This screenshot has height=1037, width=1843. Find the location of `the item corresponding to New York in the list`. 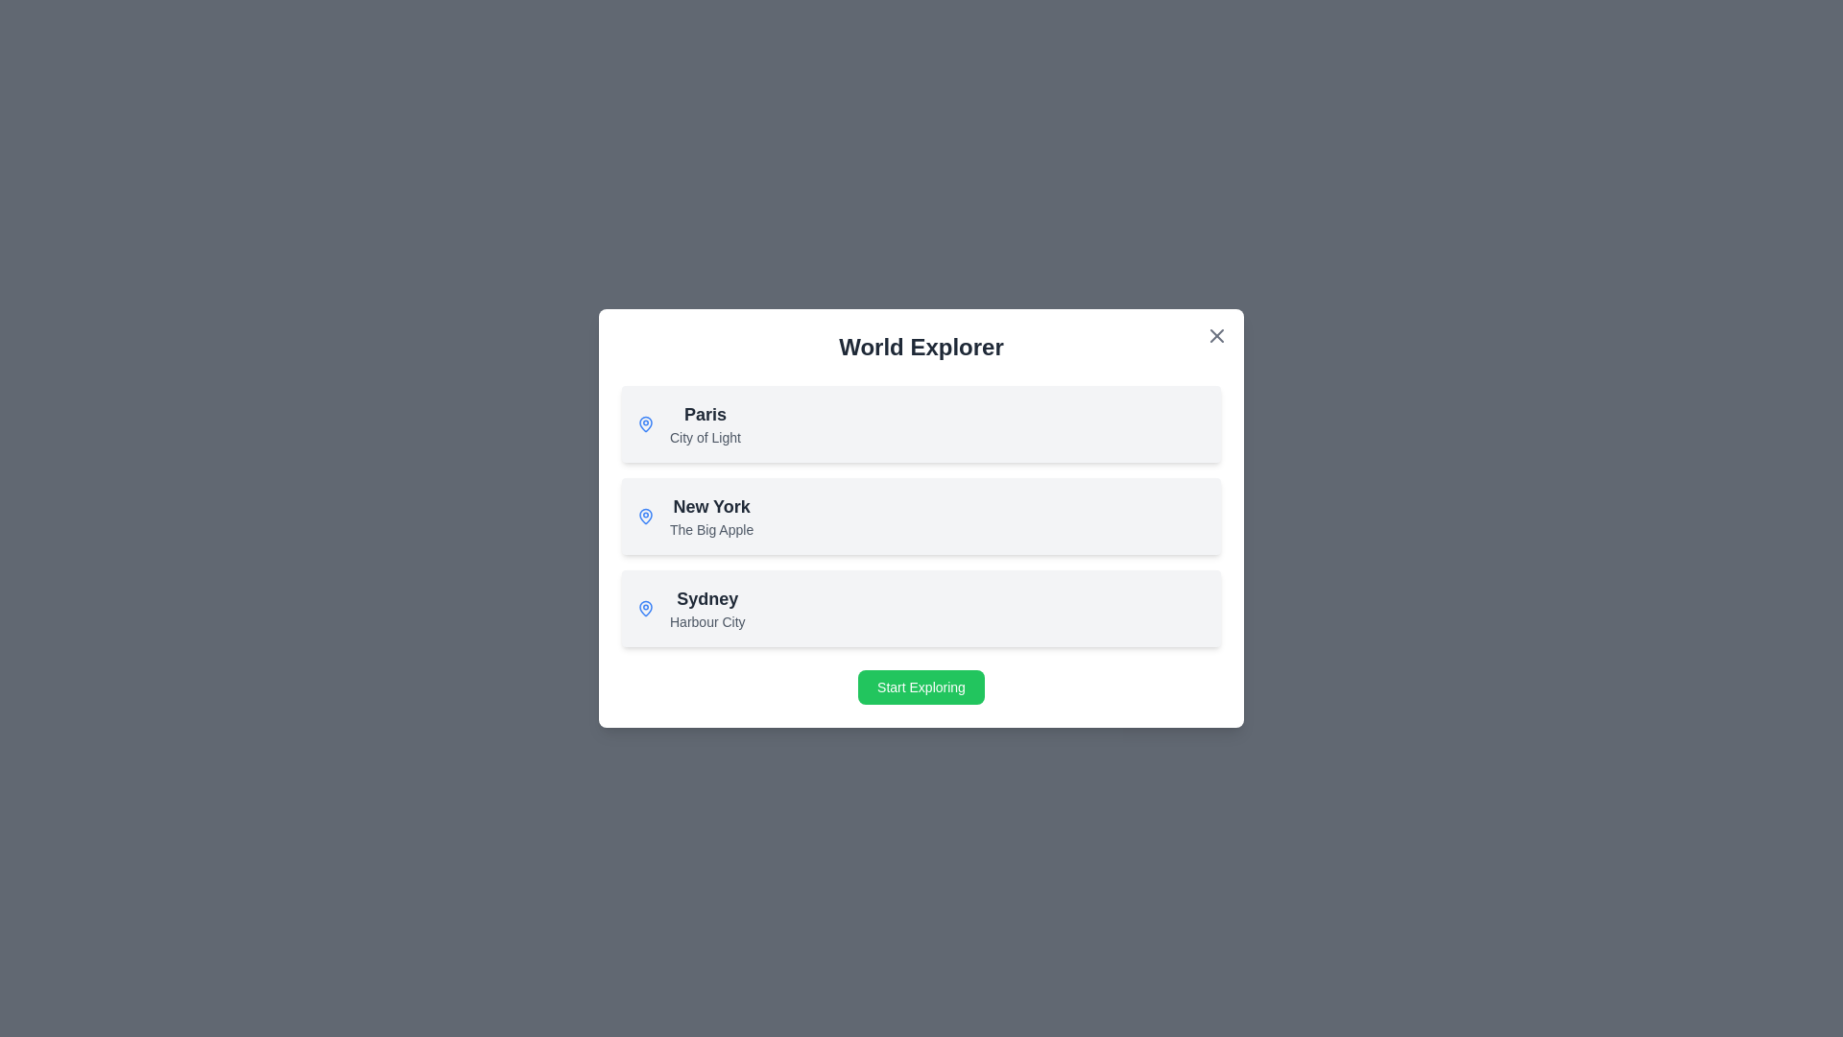

the item corresponding to New York in the list is located at coordinates (921, 515).